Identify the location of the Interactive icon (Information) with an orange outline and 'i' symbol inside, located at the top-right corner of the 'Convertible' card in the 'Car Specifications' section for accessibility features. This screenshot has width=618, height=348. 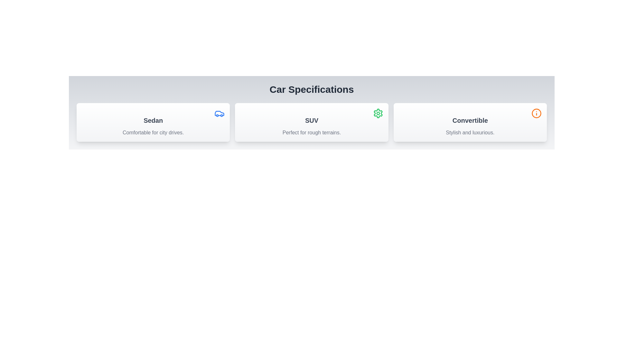
(536, 113).